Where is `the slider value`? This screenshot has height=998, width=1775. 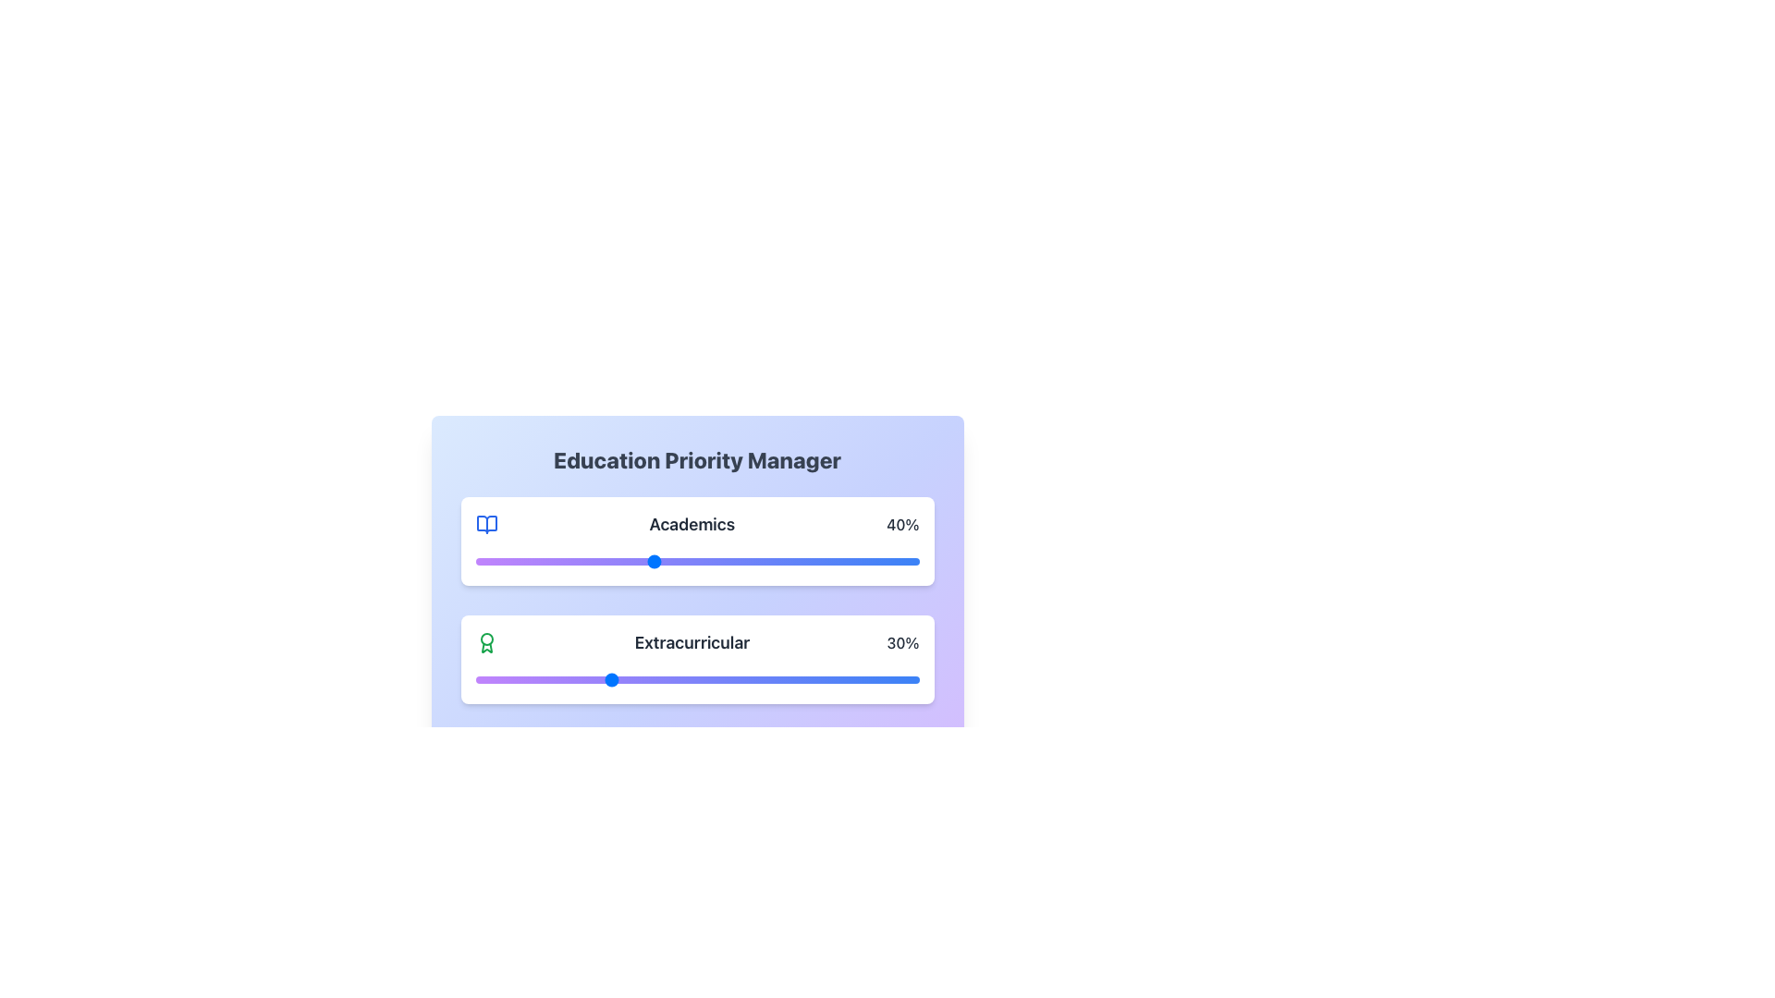
the slider value is located at coordinates (910, 561).